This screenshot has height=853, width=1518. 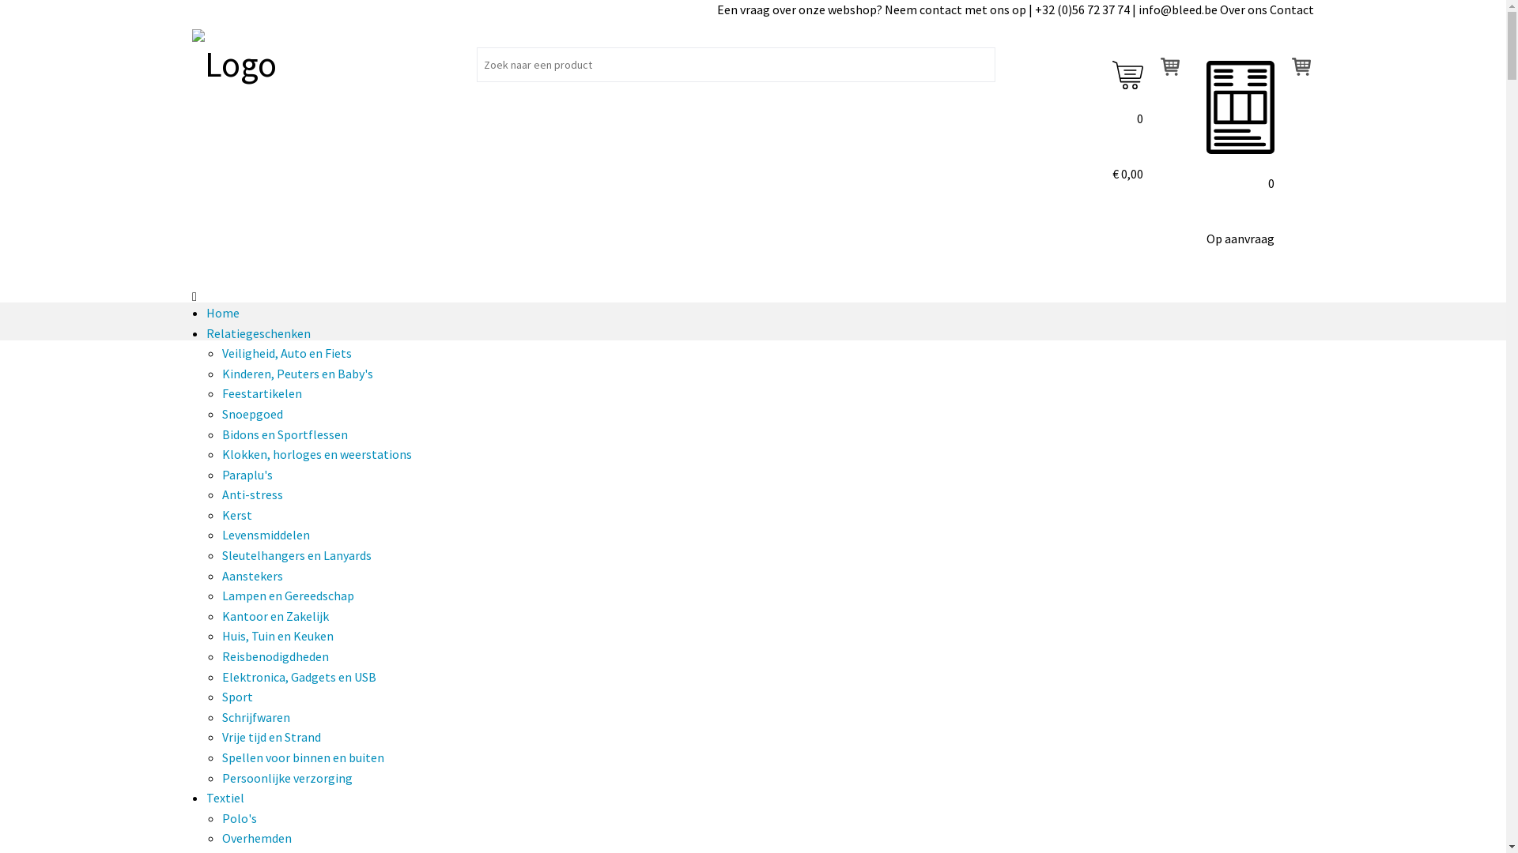 I want to click on 'Feestartikelen', so click(x=262, y=392).